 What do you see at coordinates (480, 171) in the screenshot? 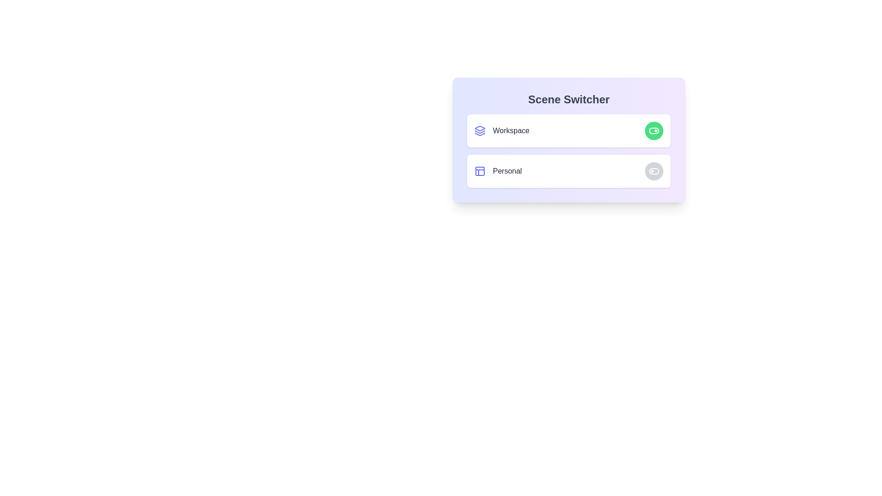
I see `the leftmost rectangular graphical element within the SVG that contributes to the icon's visual component` at bounding box center [480, 171].